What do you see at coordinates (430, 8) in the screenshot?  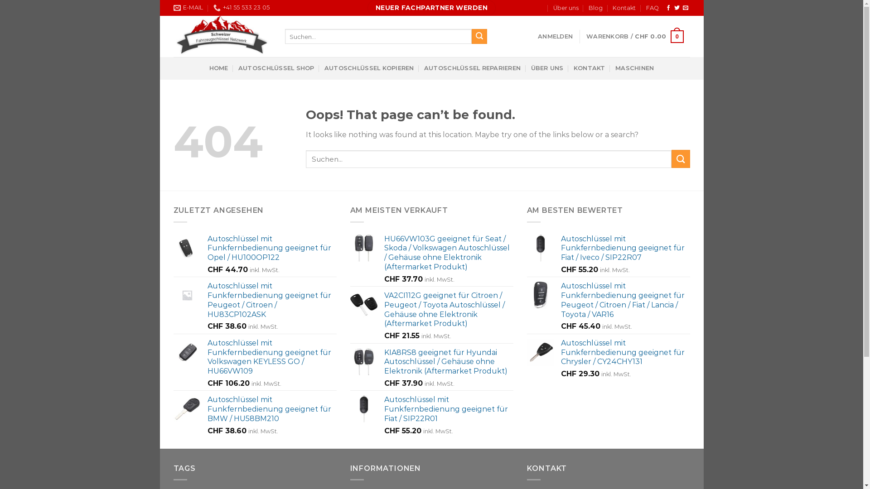 I see `'NEUER FACHPARTNER WERDEN'` at bounding box center [430, 8].